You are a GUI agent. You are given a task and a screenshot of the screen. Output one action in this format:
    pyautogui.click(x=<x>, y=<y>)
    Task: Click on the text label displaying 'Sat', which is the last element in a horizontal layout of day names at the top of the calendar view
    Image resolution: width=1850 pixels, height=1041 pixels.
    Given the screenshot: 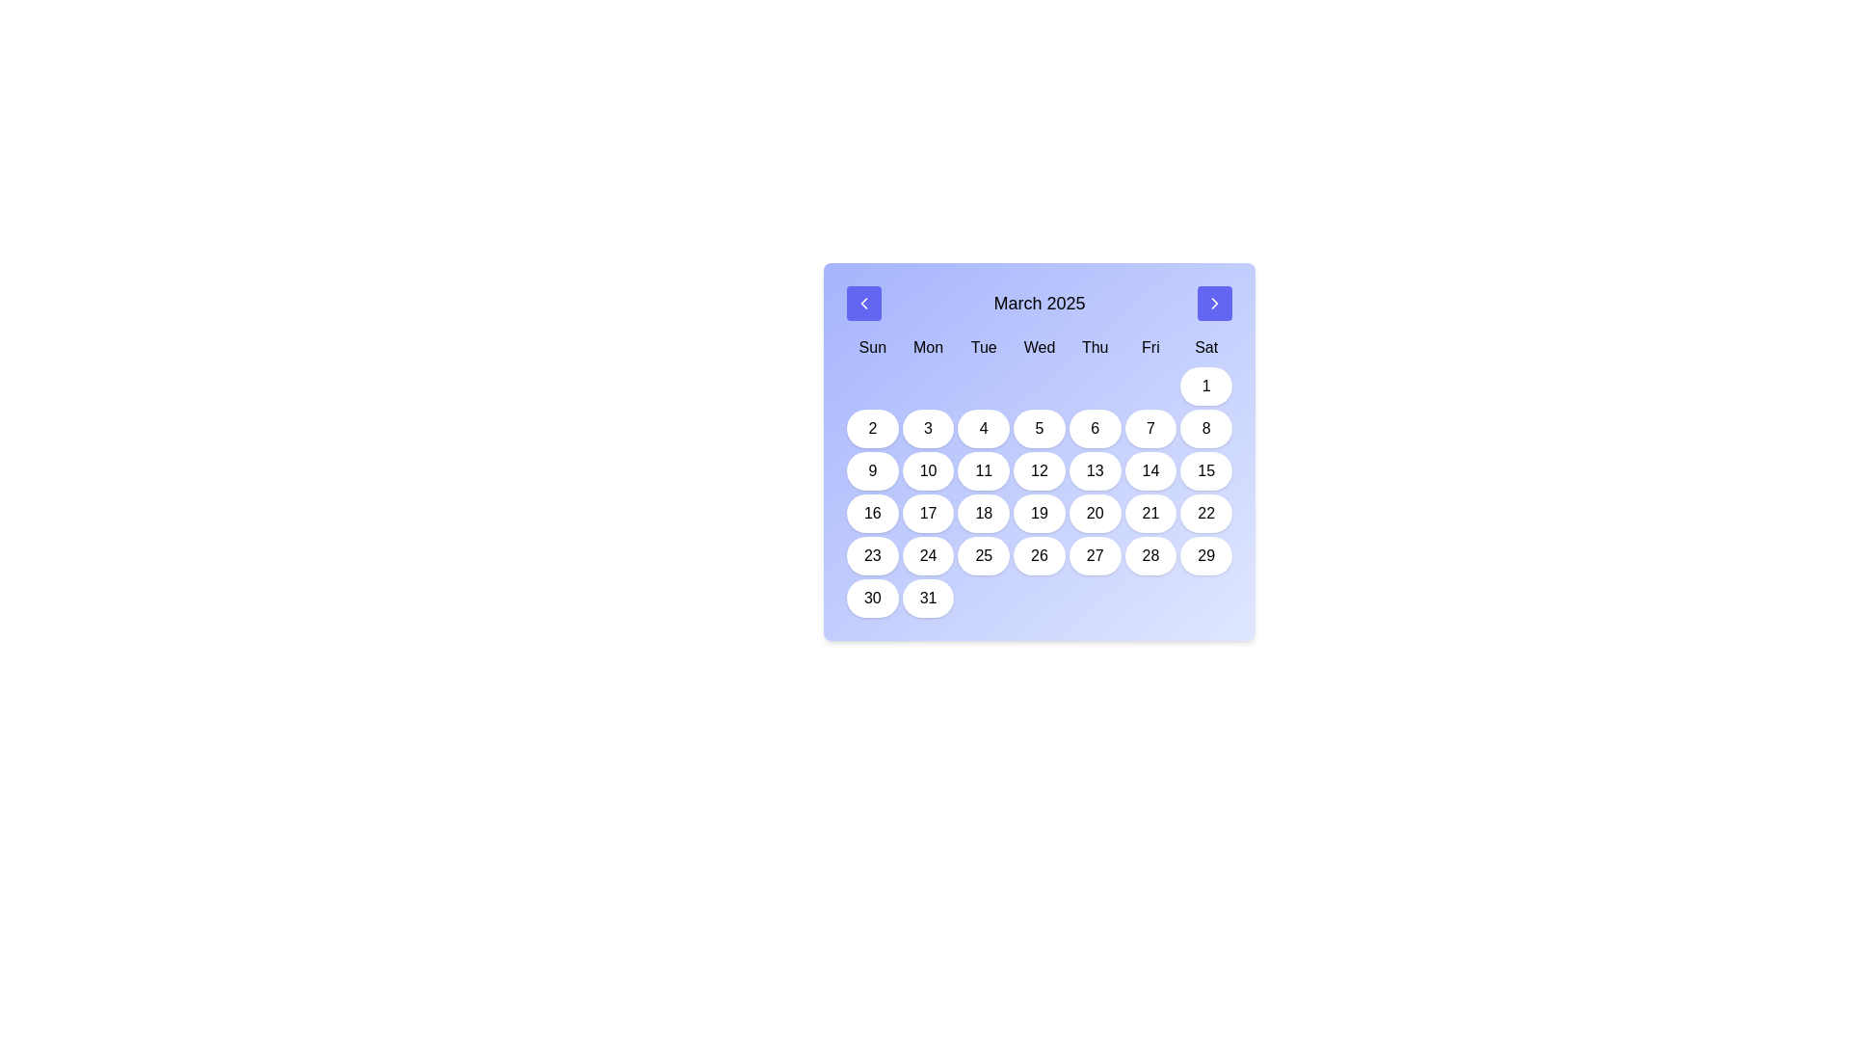 What is the action you would take?
    pyautogui.click(x=1205, y=348)
    